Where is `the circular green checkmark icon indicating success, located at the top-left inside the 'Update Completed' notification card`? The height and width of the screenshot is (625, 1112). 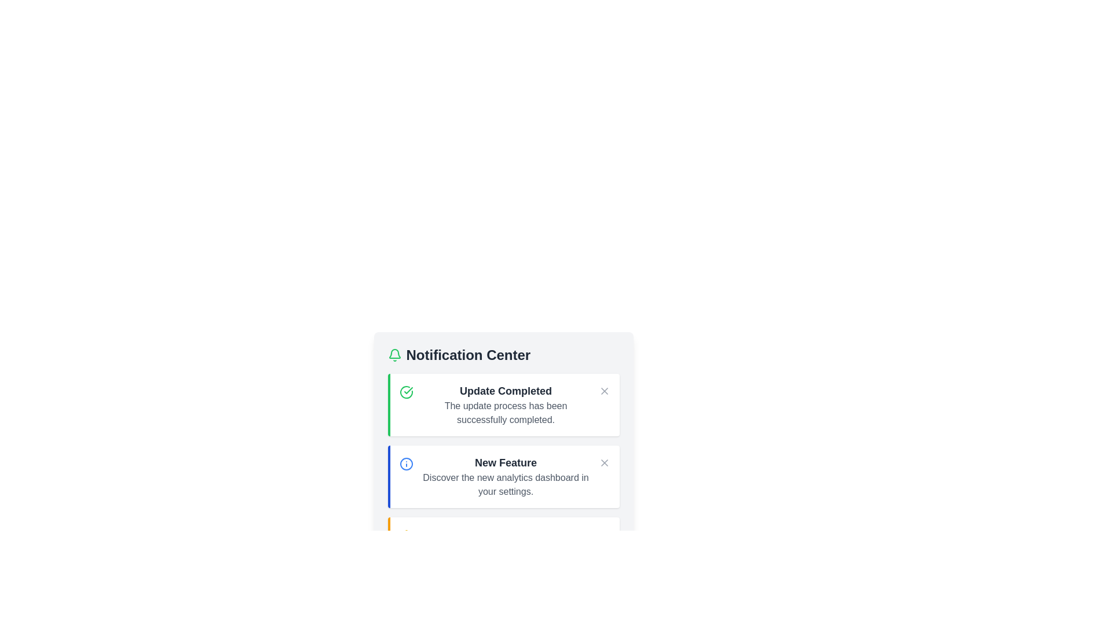 the circular green checkmark icon indicating success, located at the top-left inside the 'Update Completed' notification card is located at coordinates (406, 392).